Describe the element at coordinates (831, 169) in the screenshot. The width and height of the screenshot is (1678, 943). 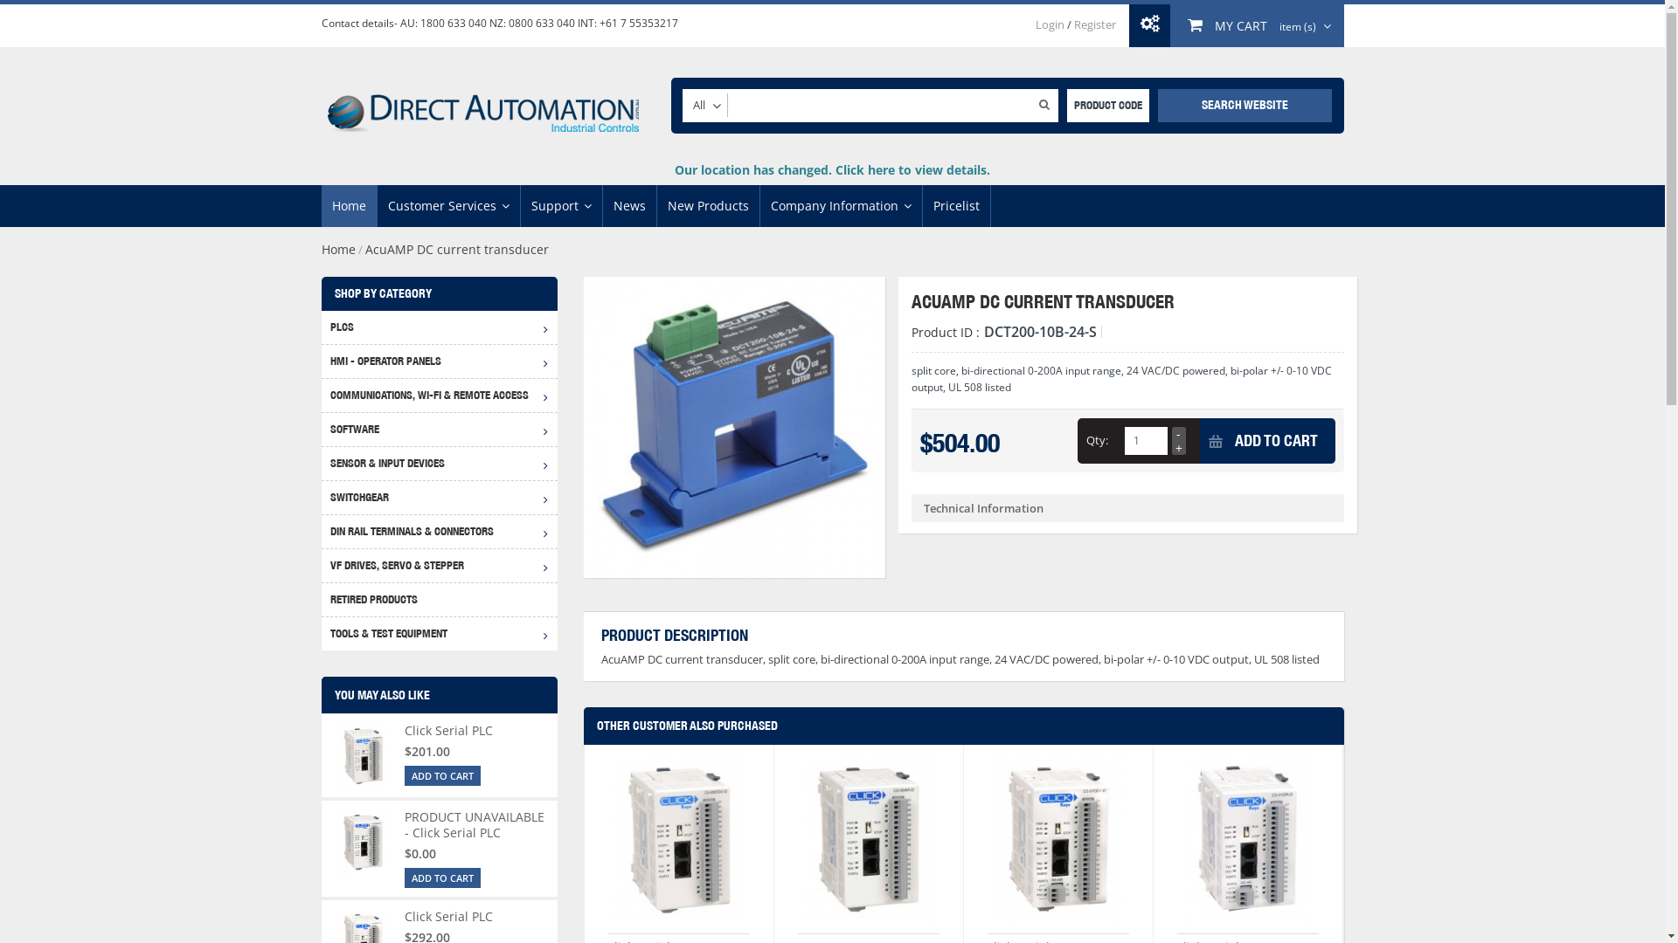
I see `'Our location has changed. Click here to view details.'` at that location.